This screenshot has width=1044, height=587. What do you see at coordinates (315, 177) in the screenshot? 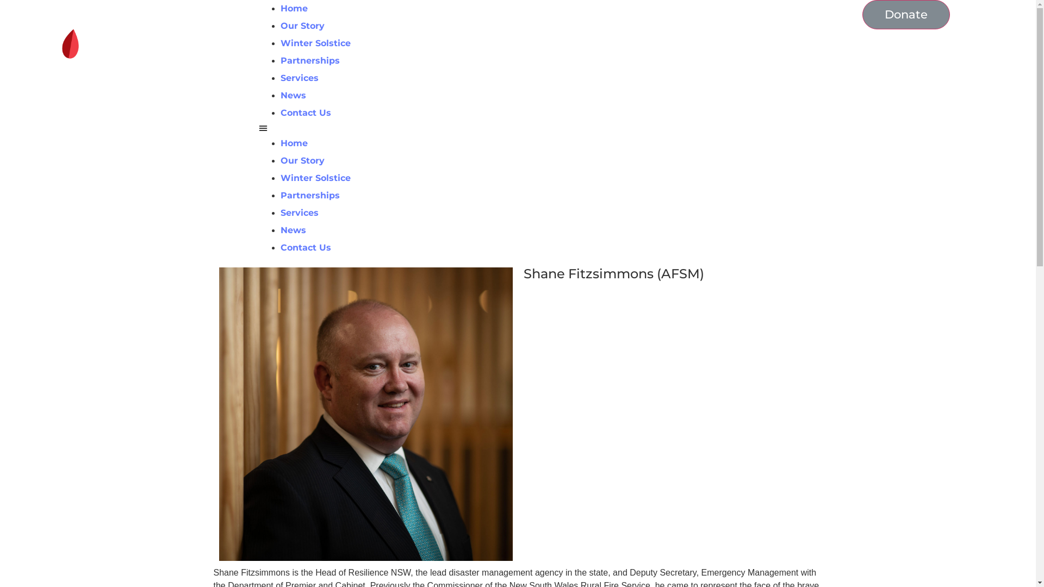
I see `'Winter Solstice'` at bounding box center [315, 177].